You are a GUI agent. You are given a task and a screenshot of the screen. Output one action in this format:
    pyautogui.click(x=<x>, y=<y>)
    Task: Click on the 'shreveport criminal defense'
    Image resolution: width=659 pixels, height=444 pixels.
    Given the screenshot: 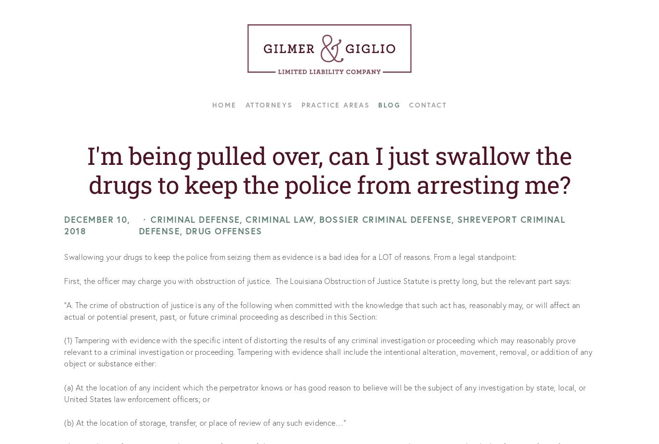 What is the action you would take?
    pyautogui.click(x=138, y=225)
    